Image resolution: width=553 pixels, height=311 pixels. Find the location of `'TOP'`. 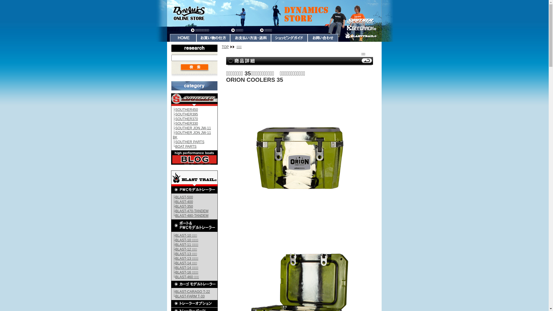

'TOP' is located at coordinates (228, 46).